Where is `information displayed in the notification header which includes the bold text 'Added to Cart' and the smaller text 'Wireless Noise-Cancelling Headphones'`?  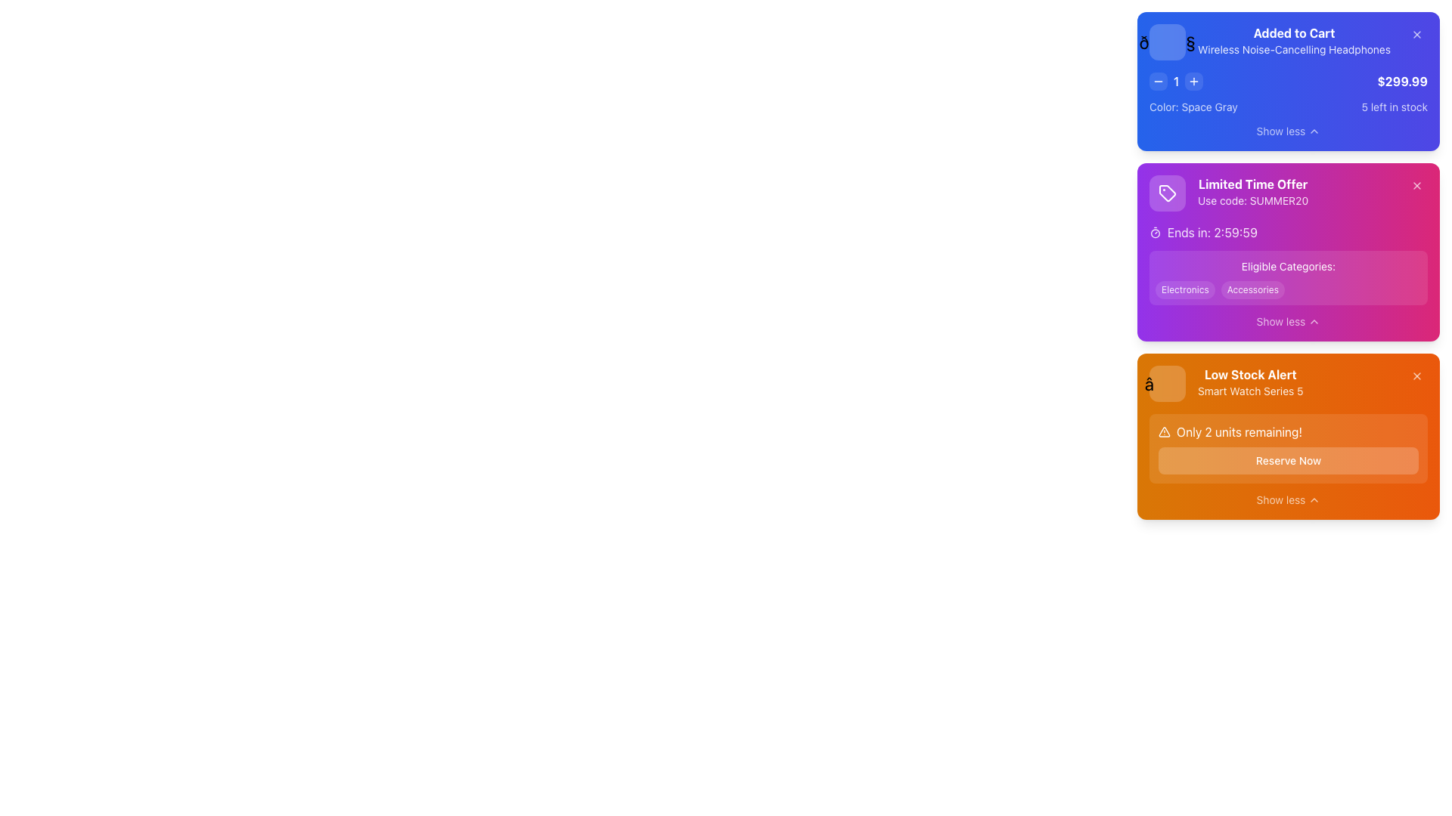 information displayed in the notification header which includes the bold text 'Added to Cart' and the smaller text 'Wireless Noise-Cancelling Headphones' is located at coordinates (1288, 42).